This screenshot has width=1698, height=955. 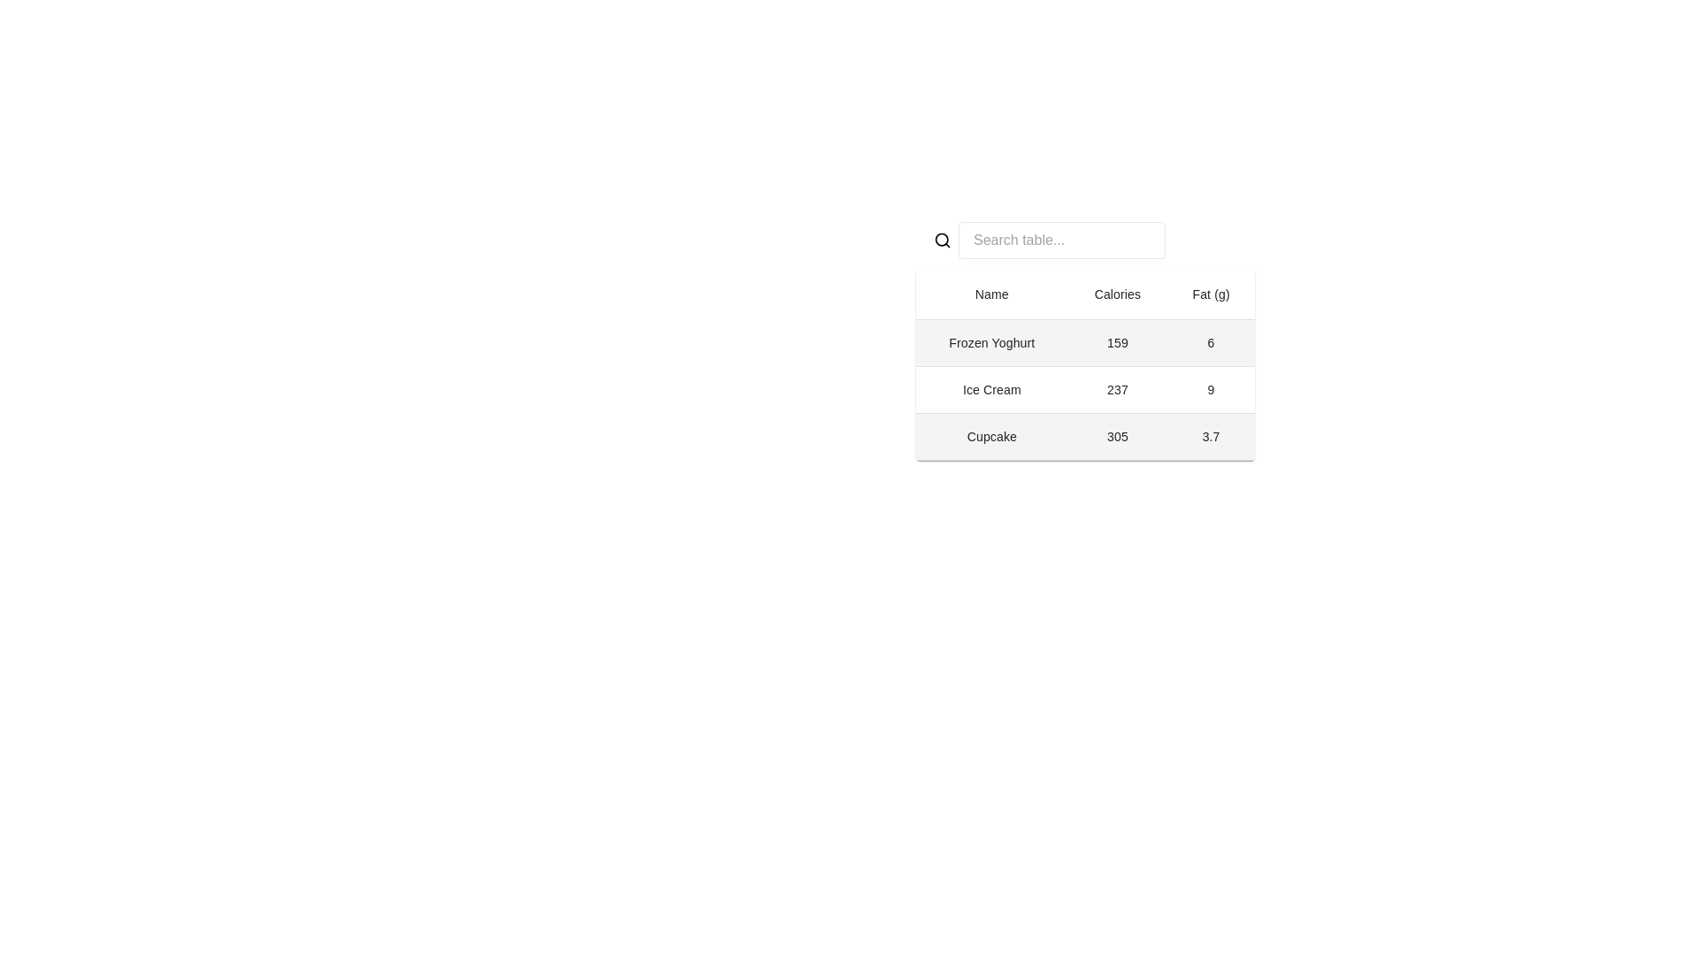 I want to click on the nutritional information table displaying data for 'Frozen Yoghurt,' 'Ice Cream,' and 'Cupcake', so click(x=1084, y=336).